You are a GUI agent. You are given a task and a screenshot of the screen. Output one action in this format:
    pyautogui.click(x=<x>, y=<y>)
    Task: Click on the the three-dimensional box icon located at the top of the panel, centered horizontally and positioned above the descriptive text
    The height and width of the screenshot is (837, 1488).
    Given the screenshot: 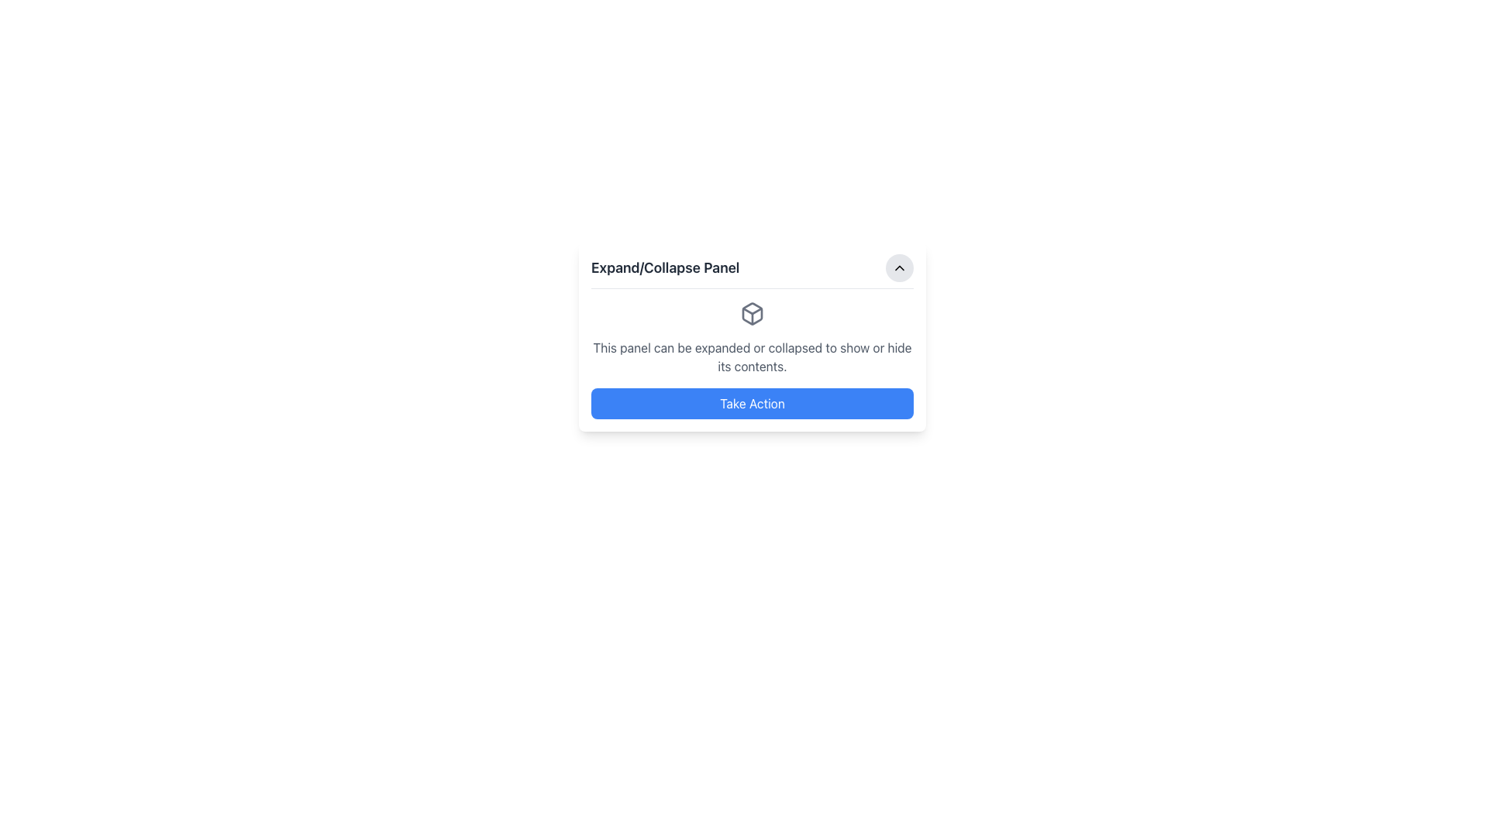 What is the action you would take?
    pyautogui.click(x=752, y=314)
    